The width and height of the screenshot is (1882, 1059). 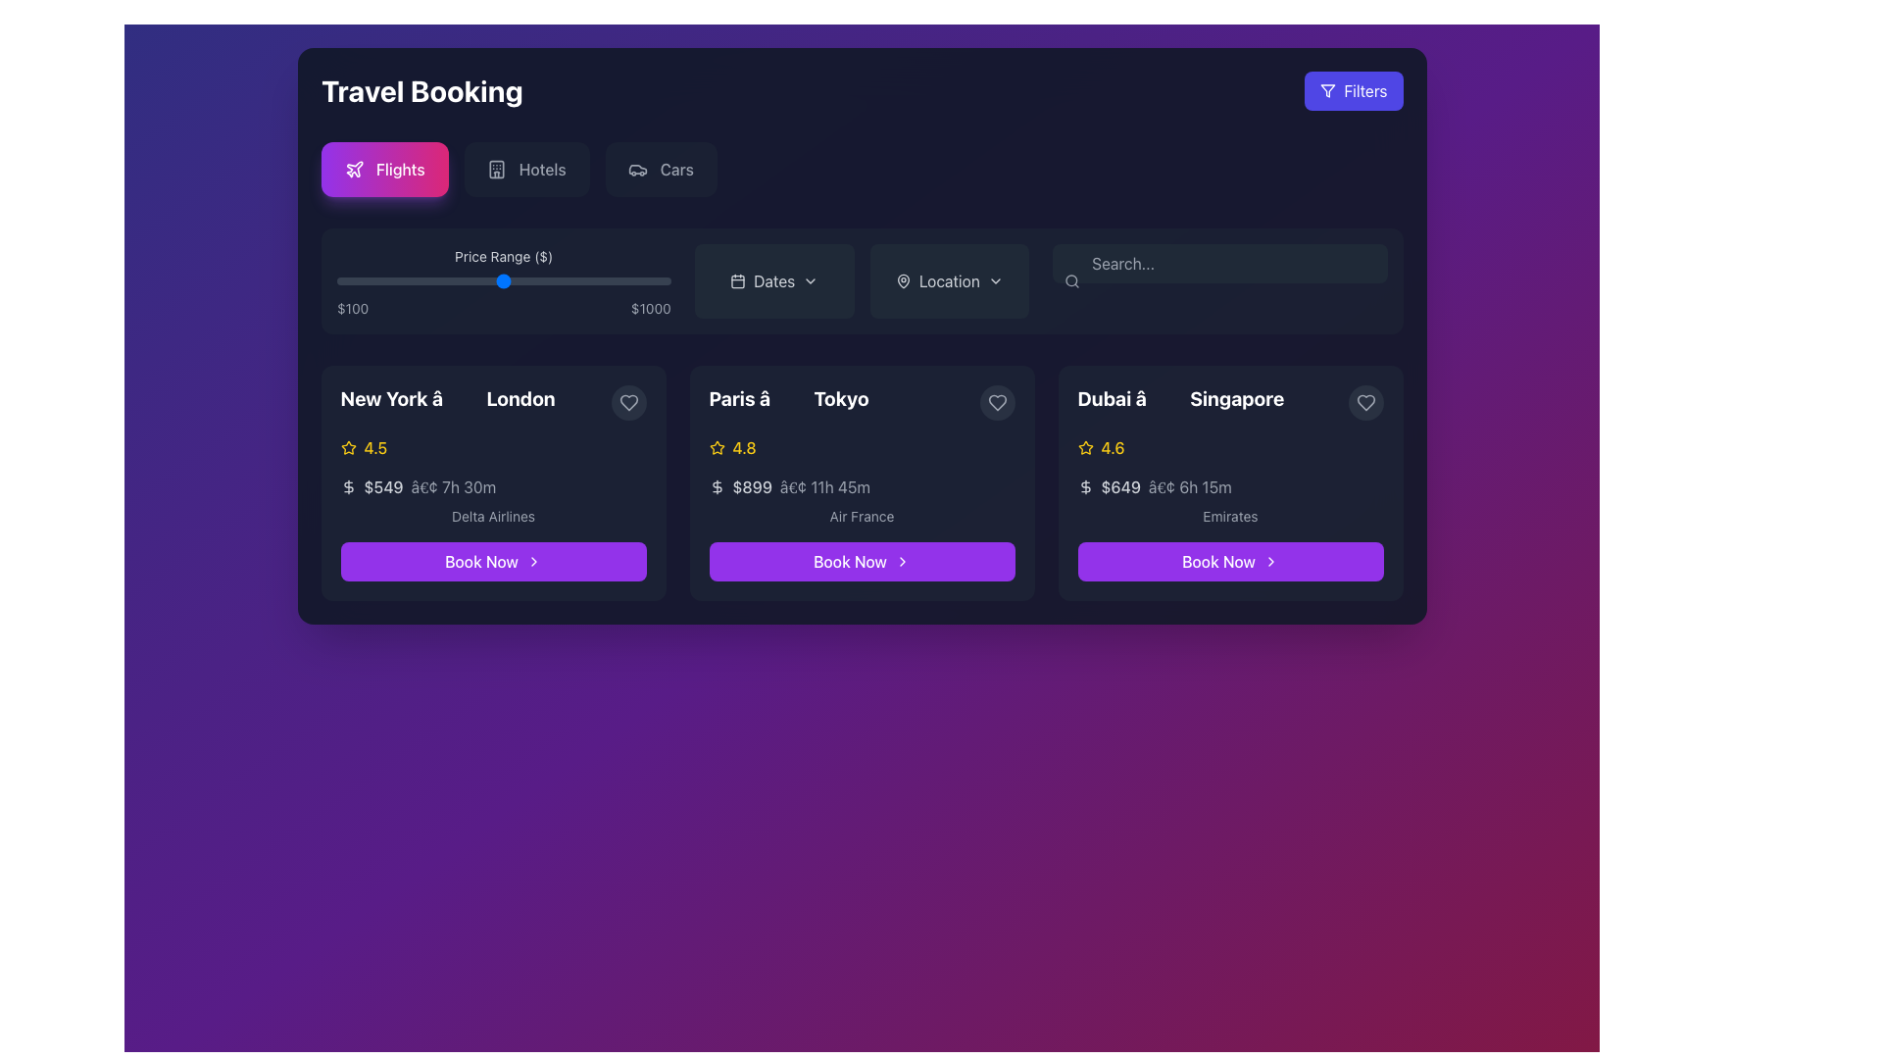 I want to click on the button in the top-right corner of the UI that contains the text label for filtering options, so click(x=1364, y=90).